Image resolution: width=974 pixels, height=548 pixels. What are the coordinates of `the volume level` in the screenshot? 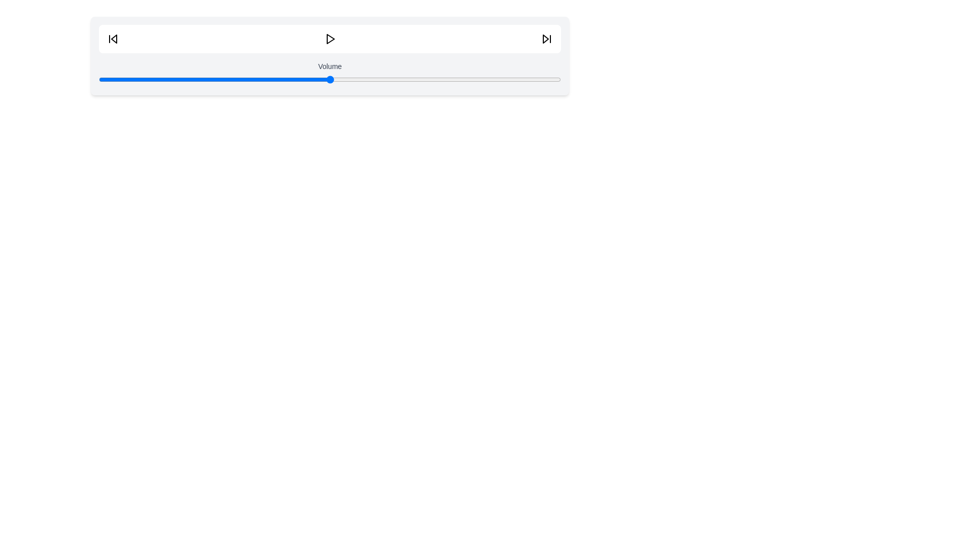 It's located at (463, 79).